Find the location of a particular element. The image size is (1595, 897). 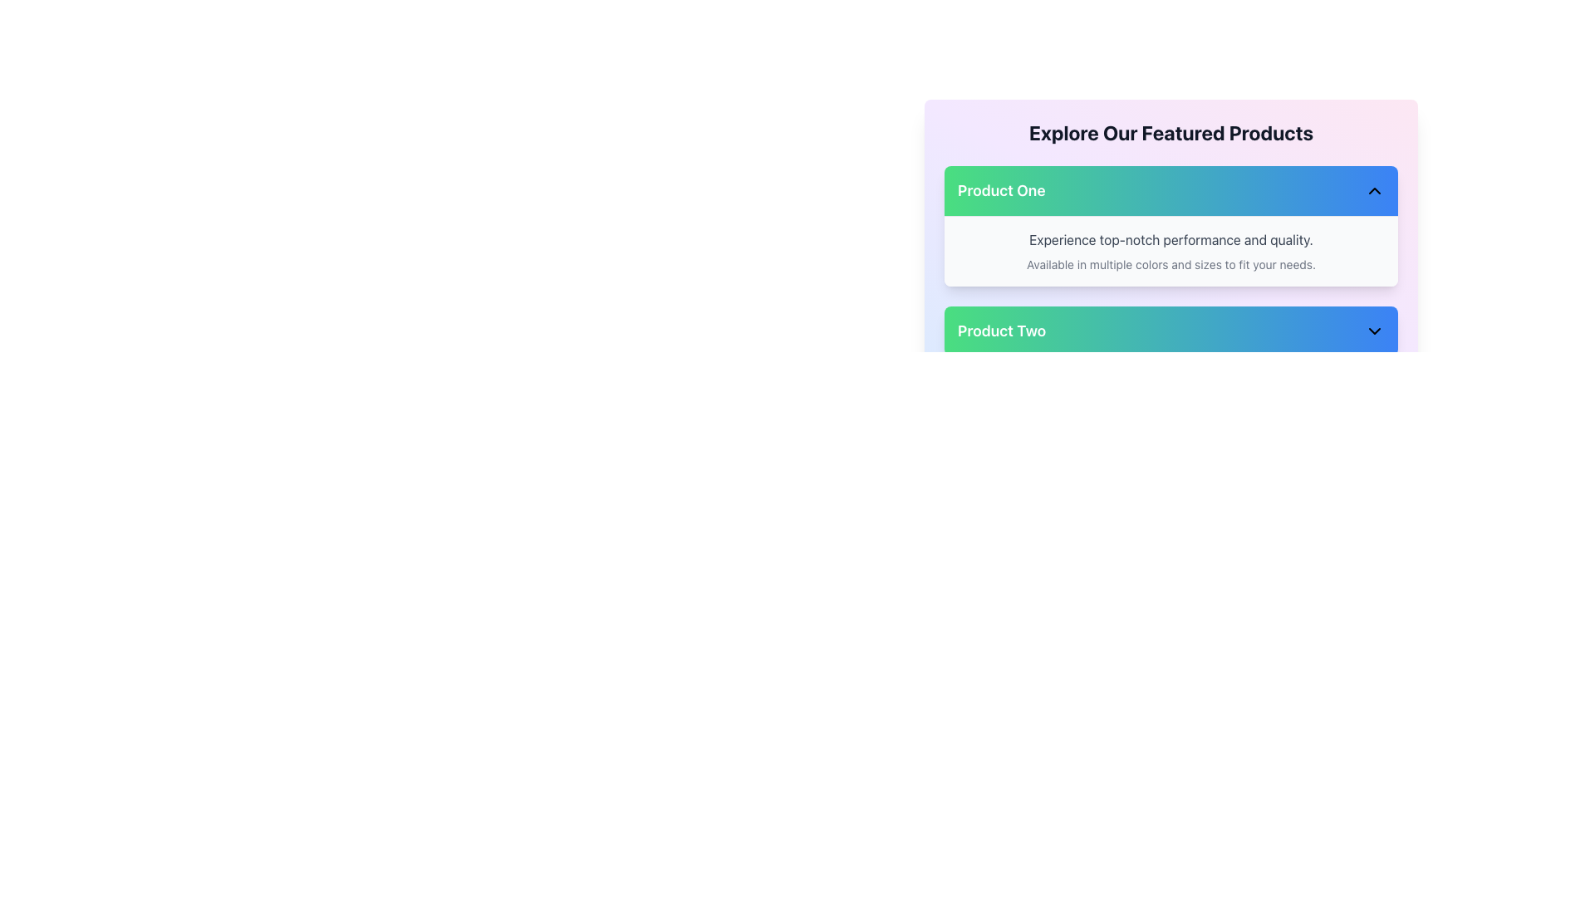

the text label that reads 'Available in multiple colors and sizes to fit your needs.' located below the description in the 'Product One' section is located at coordinates (1170, 264).